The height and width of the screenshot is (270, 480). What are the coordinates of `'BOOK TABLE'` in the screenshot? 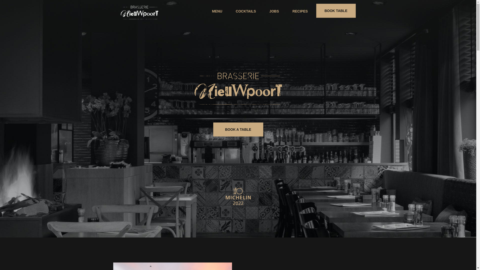 It's located at (336, 10).